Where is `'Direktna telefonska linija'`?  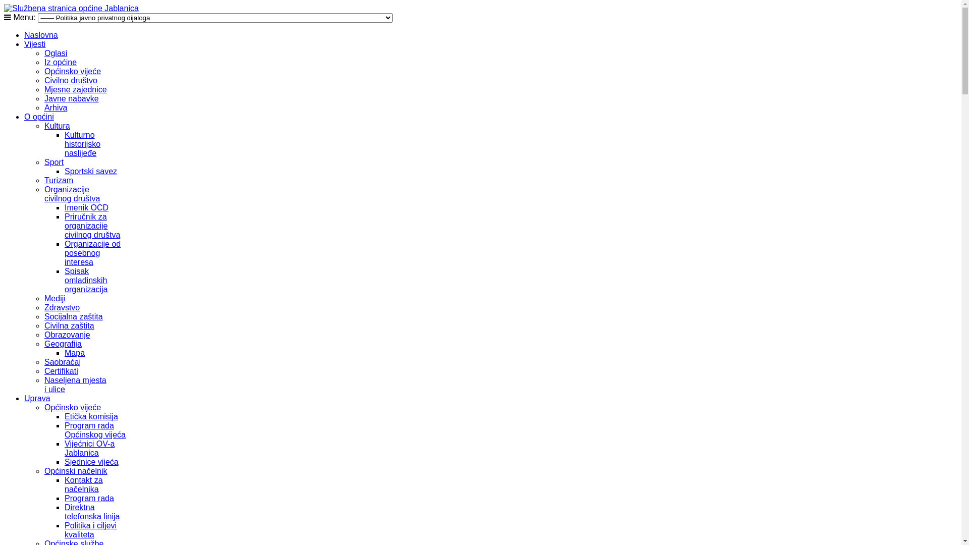
'Direktna telefonska linija' is located at coordinates (92, 512).